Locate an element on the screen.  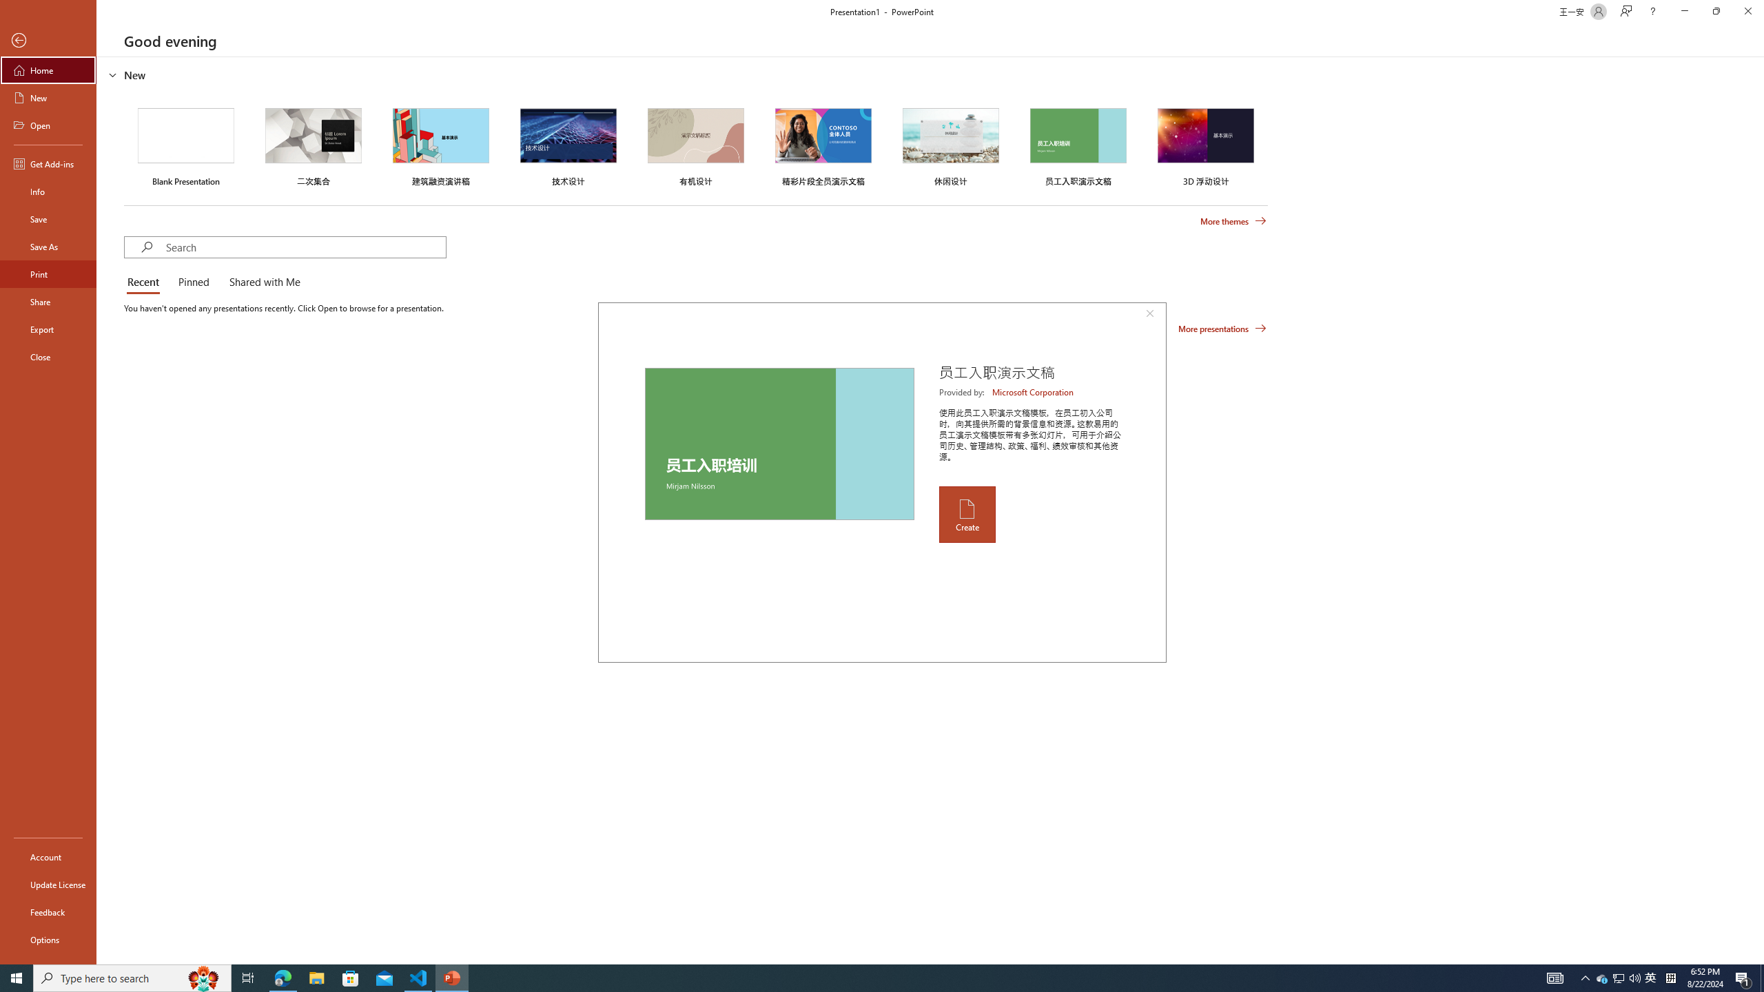
'Hide or show region' is located at coordinates (112, 74).